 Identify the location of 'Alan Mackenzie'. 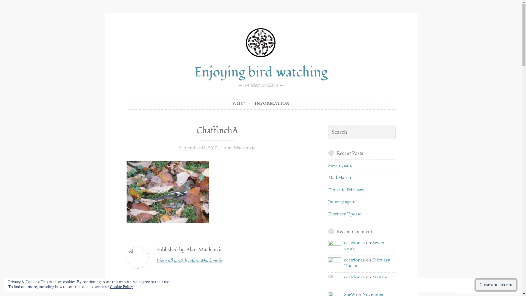
(239, 148).